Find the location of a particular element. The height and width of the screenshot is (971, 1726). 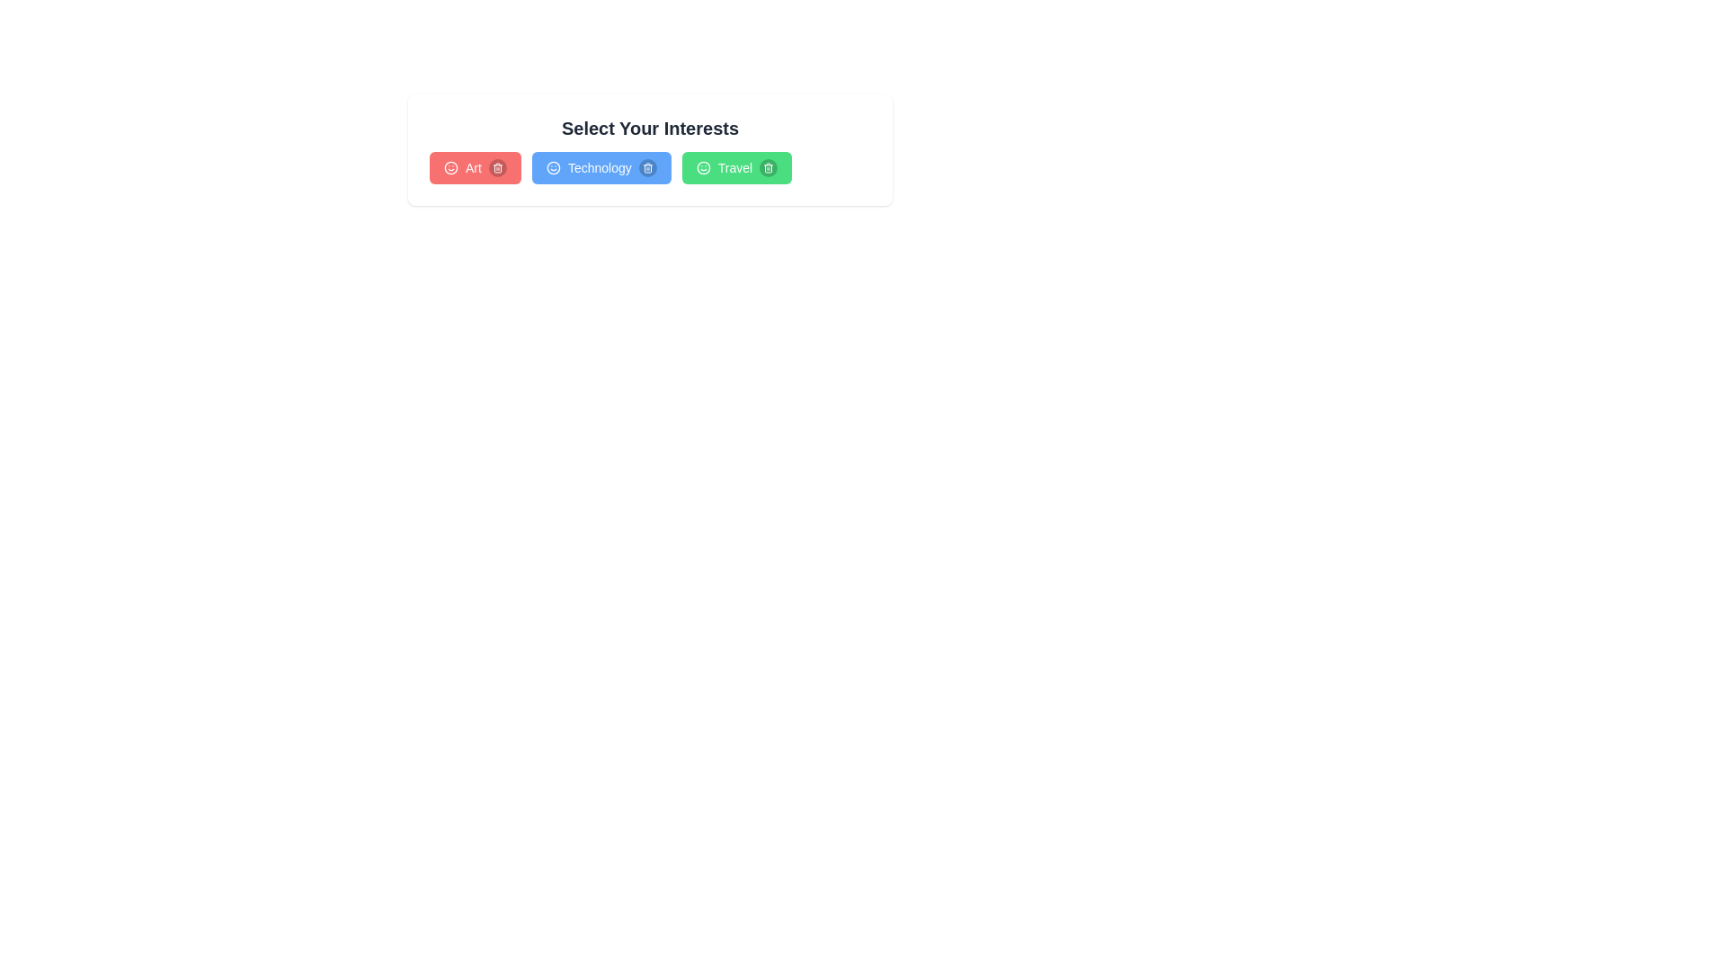

the button corresponding to Art to select it is located at coordinates (475, 167).